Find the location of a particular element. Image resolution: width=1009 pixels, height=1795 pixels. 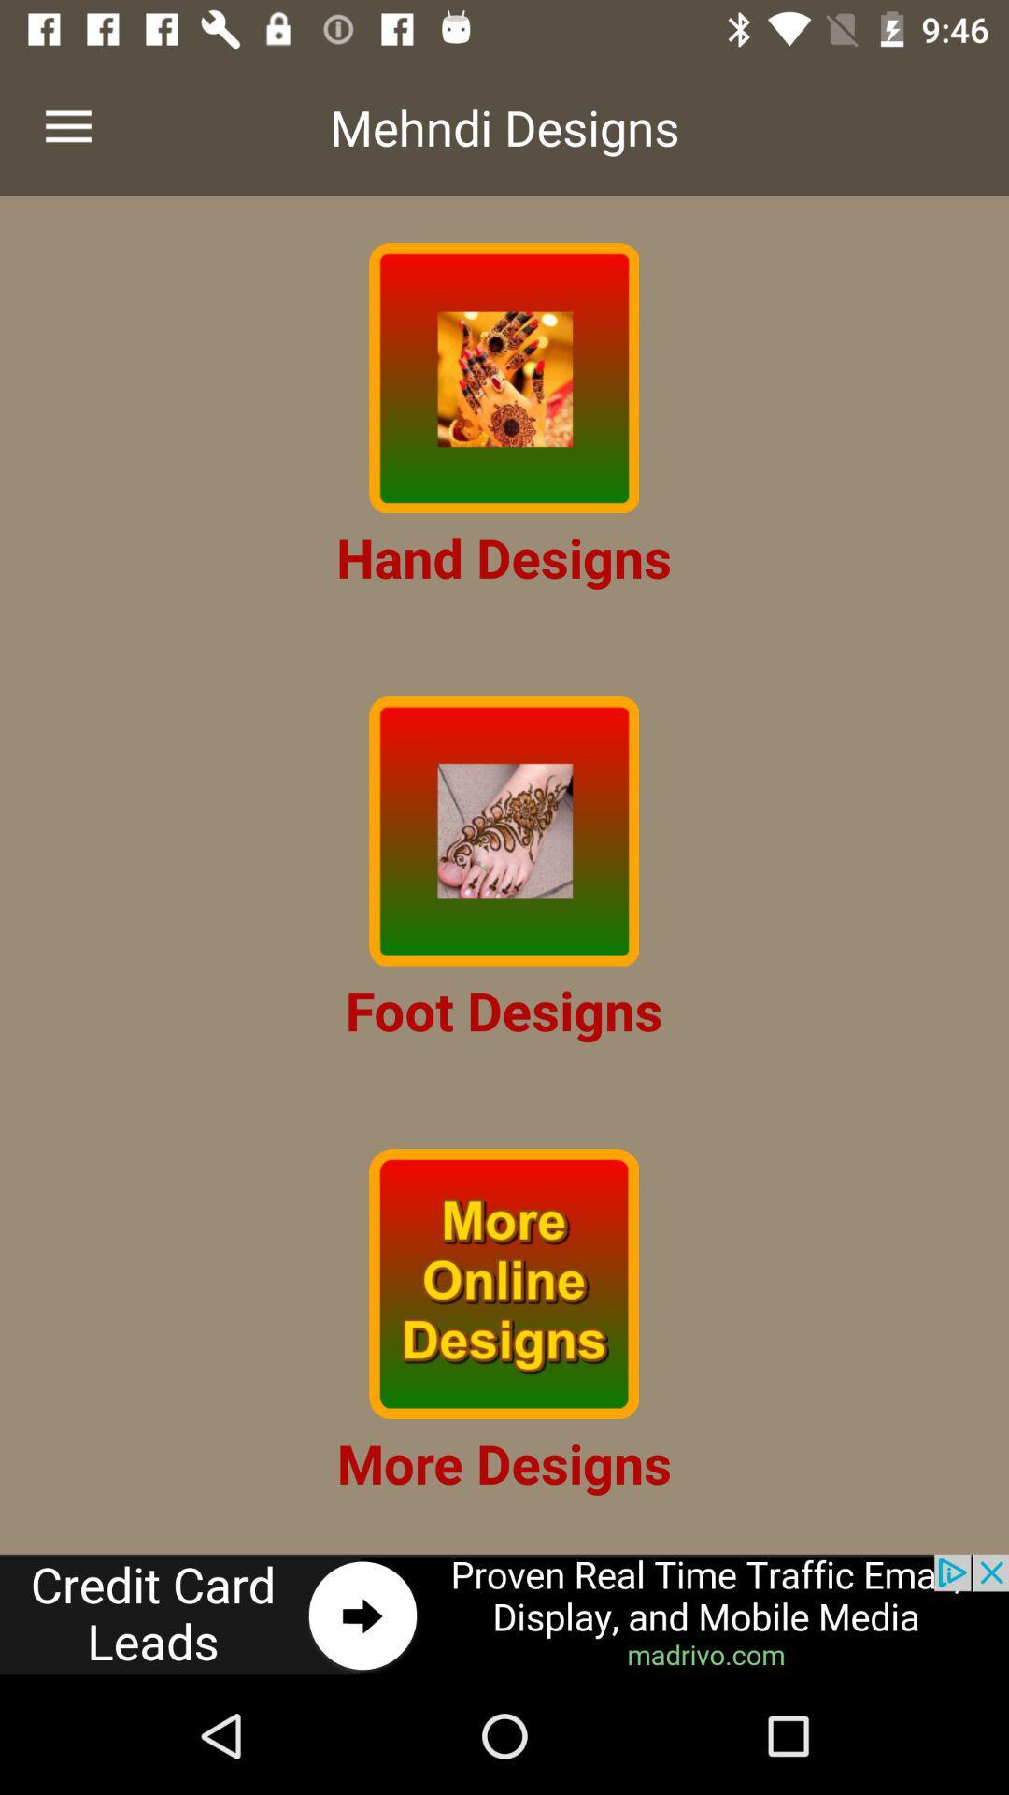

the widget is located at coordinates (503, 377).